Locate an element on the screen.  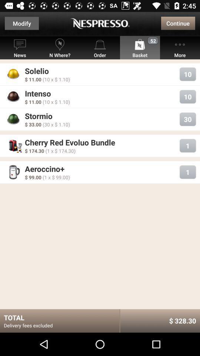
the button next to solelio is located at coordinates (188, 74).